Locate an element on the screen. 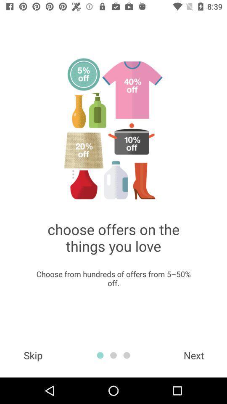  the item below the choose from hundreds icon is located at coordinates (32, 355).